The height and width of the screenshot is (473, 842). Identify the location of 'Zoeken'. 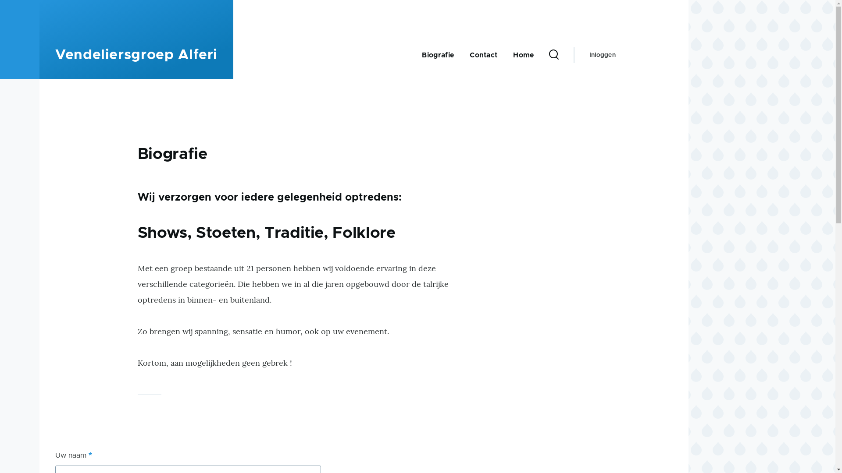
(551, 109).